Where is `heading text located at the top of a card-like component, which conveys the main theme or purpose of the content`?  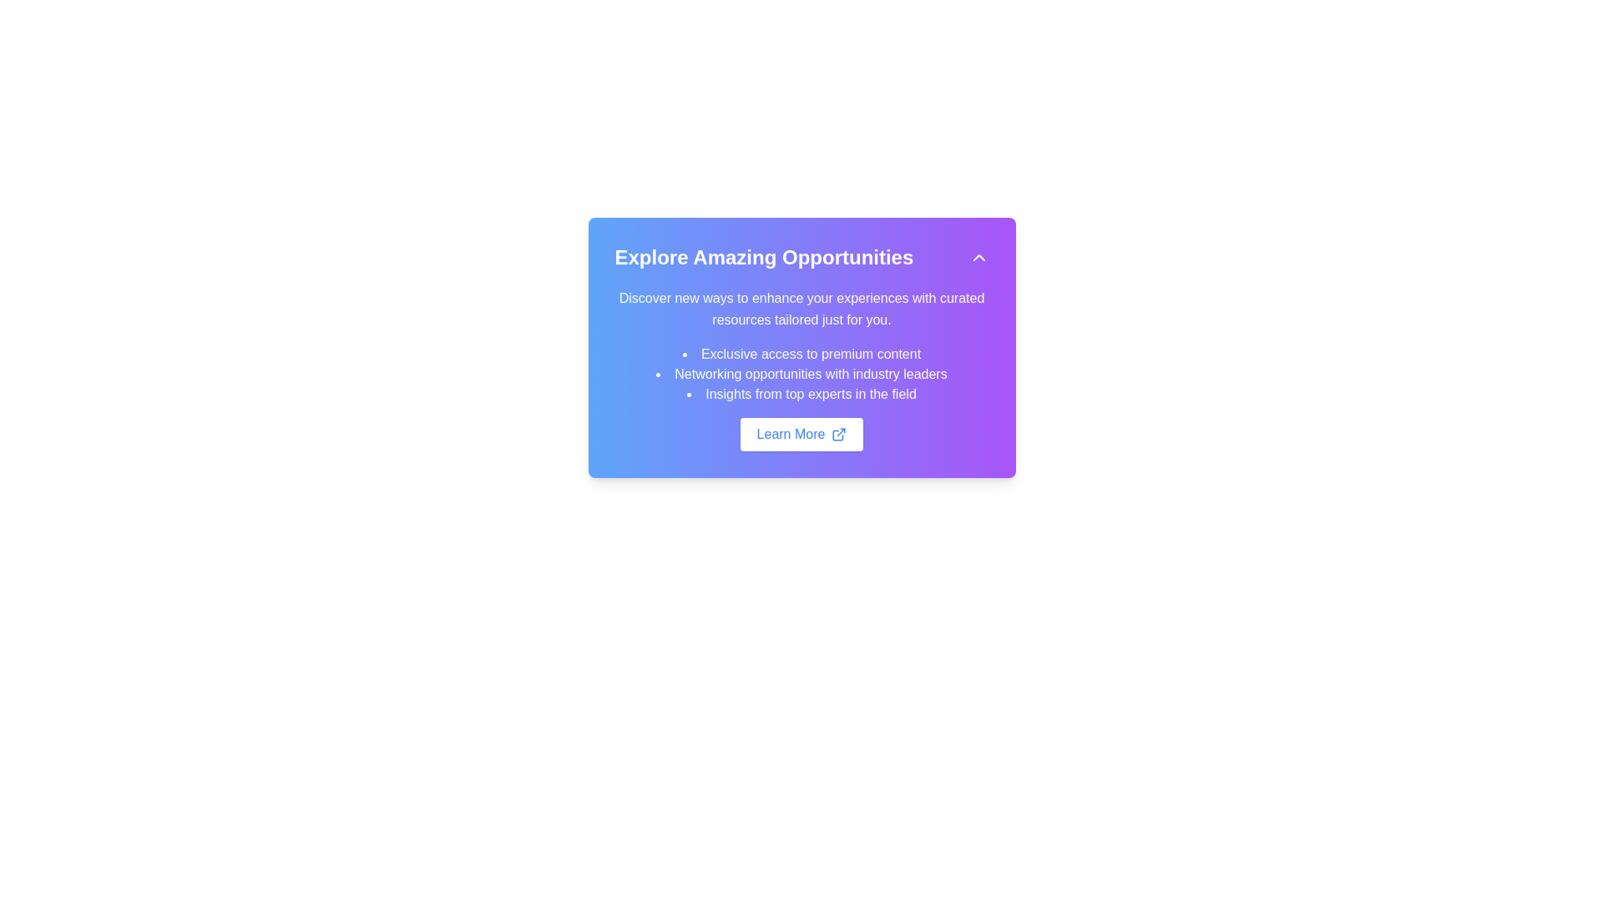
heading text located at the top of a card-like component, which conveys the main theme or purpose of the content is located at coordinates (763, 257).